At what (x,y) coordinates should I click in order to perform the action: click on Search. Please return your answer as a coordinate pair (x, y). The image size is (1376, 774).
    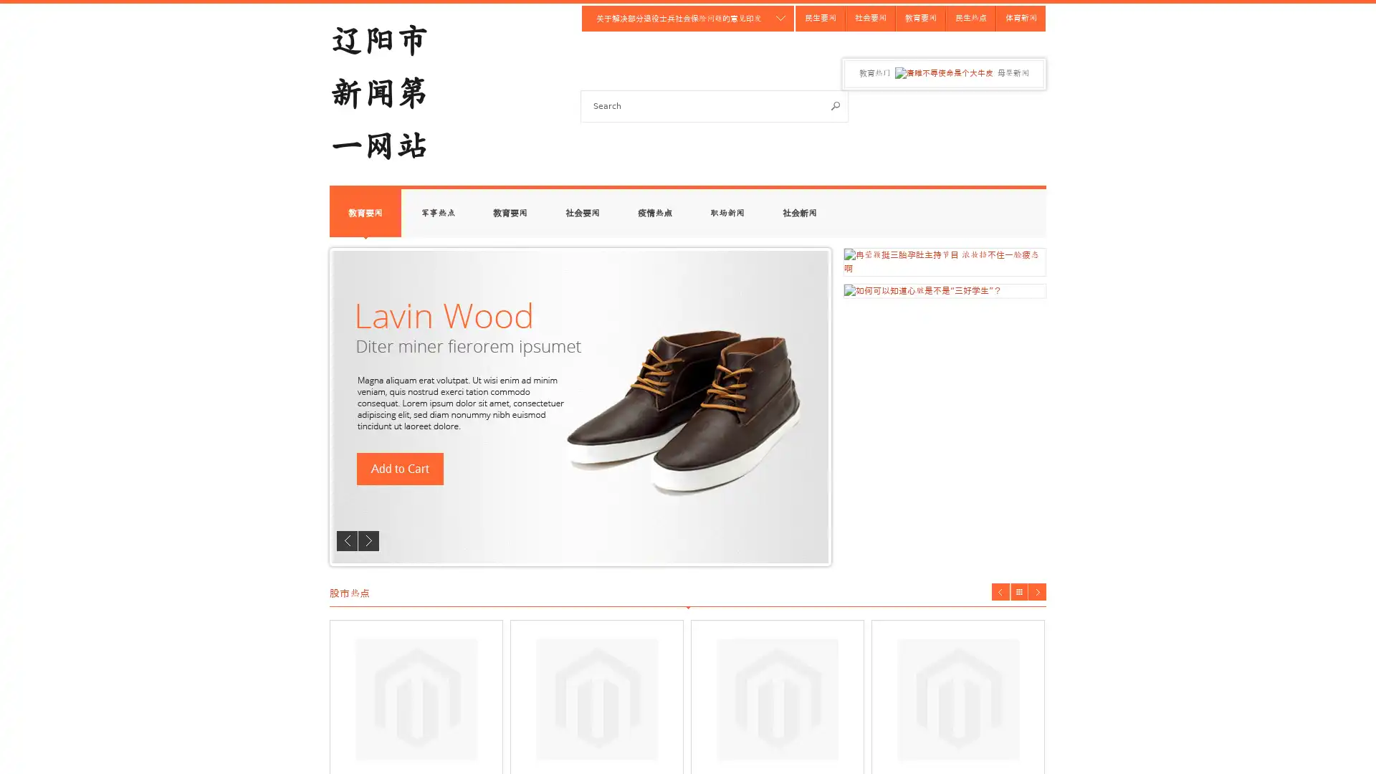
    Looking at the image, I should click on (836, 105).